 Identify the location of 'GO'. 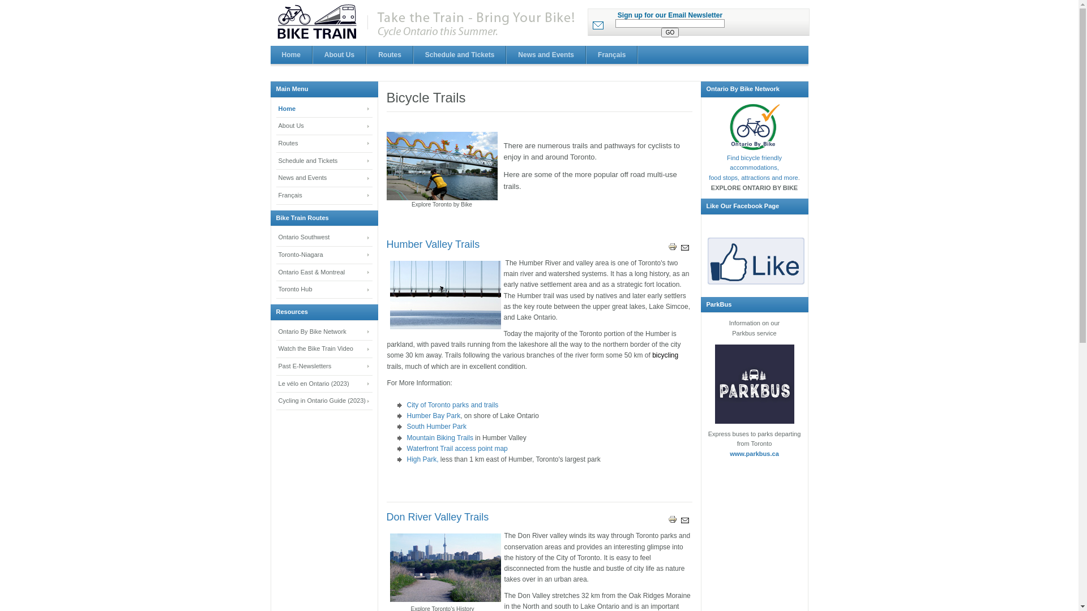
(670, 32).